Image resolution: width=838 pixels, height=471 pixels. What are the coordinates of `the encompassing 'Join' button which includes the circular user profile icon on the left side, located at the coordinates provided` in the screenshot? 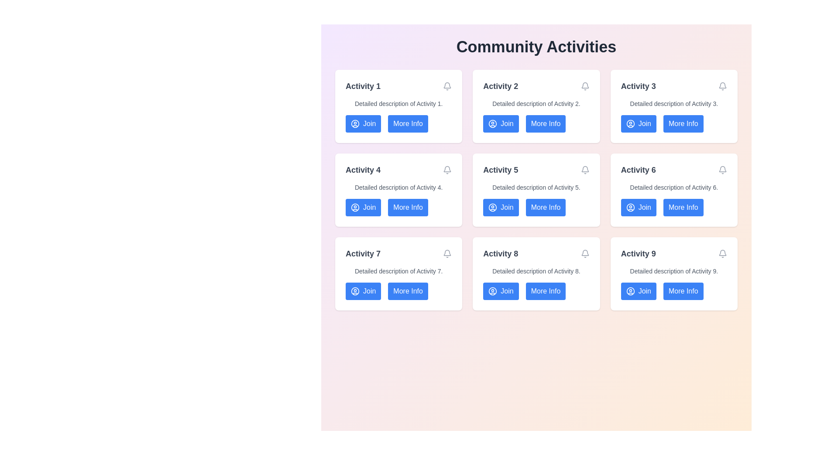 It's located at (493, 291).